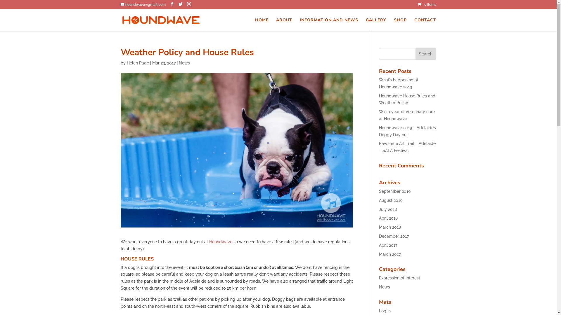 The width and height of the screenshot is (561, 315). I want to click on 'December 2017', so click(394, 236).